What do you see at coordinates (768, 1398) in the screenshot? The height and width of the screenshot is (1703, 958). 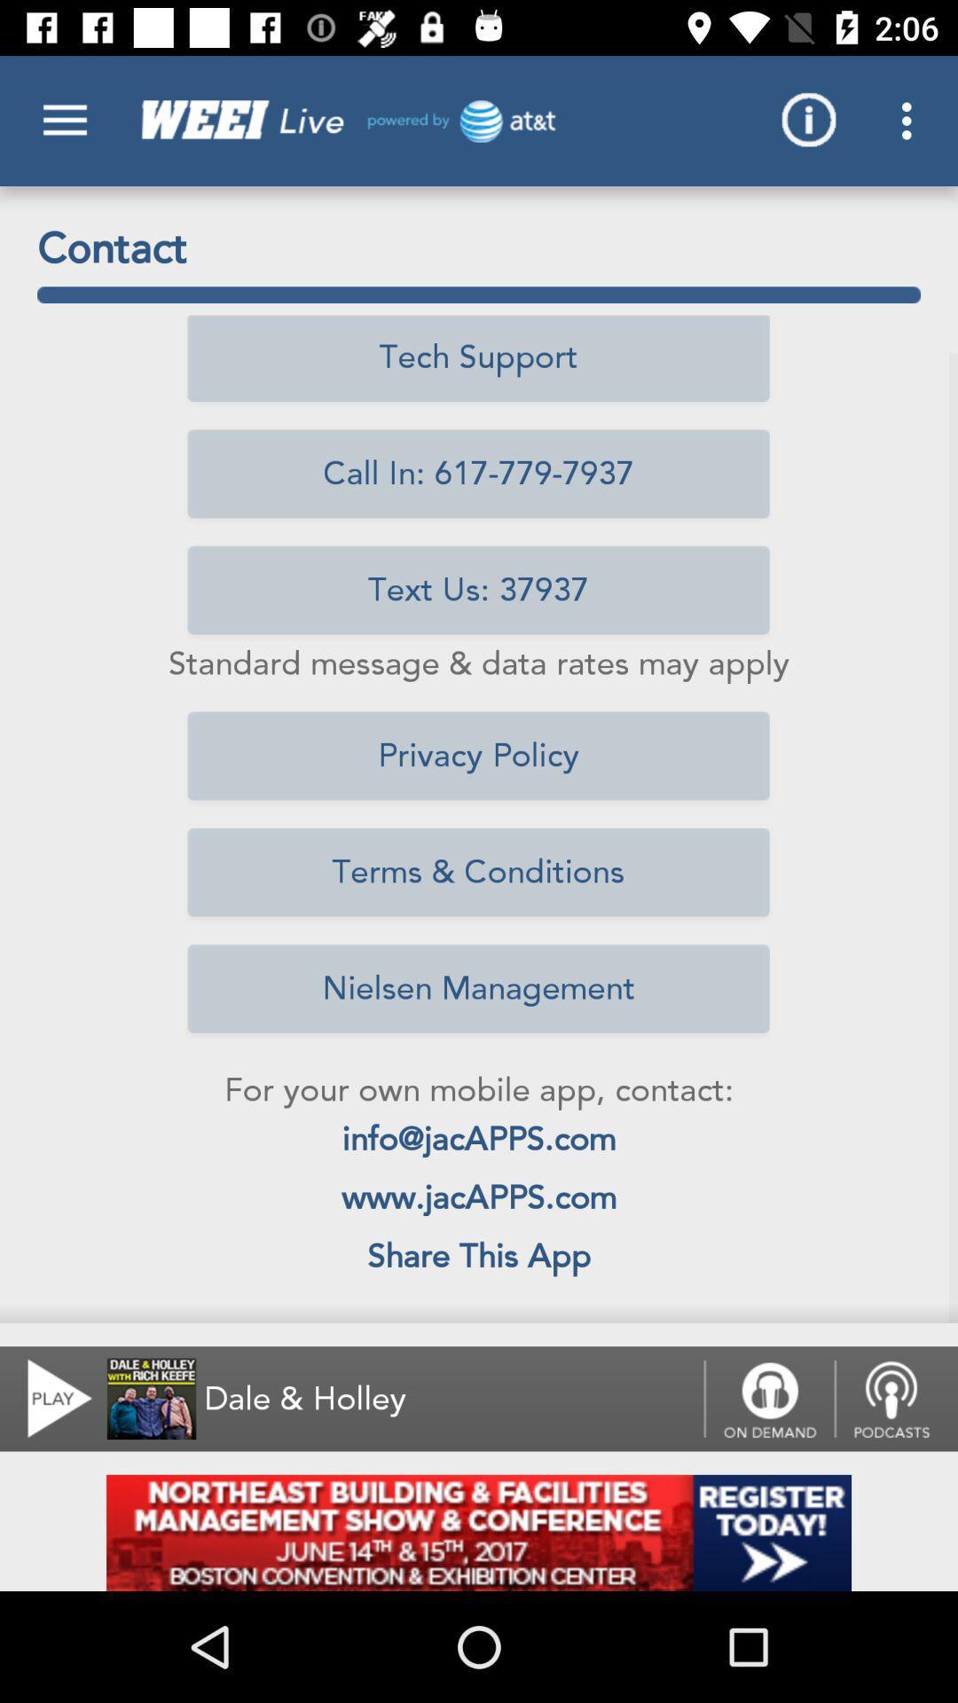 I see `the lock icon` at bounding box center [768, 1398].